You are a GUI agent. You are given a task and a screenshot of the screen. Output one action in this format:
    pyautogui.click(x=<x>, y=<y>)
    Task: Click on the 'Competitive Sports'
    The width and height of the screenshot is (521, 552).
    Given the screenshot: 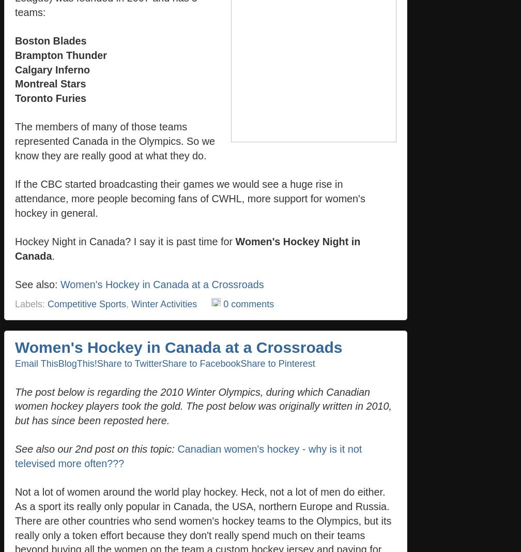 What is the action you would take?
    pyautogui.click(x=87, y=303)
    